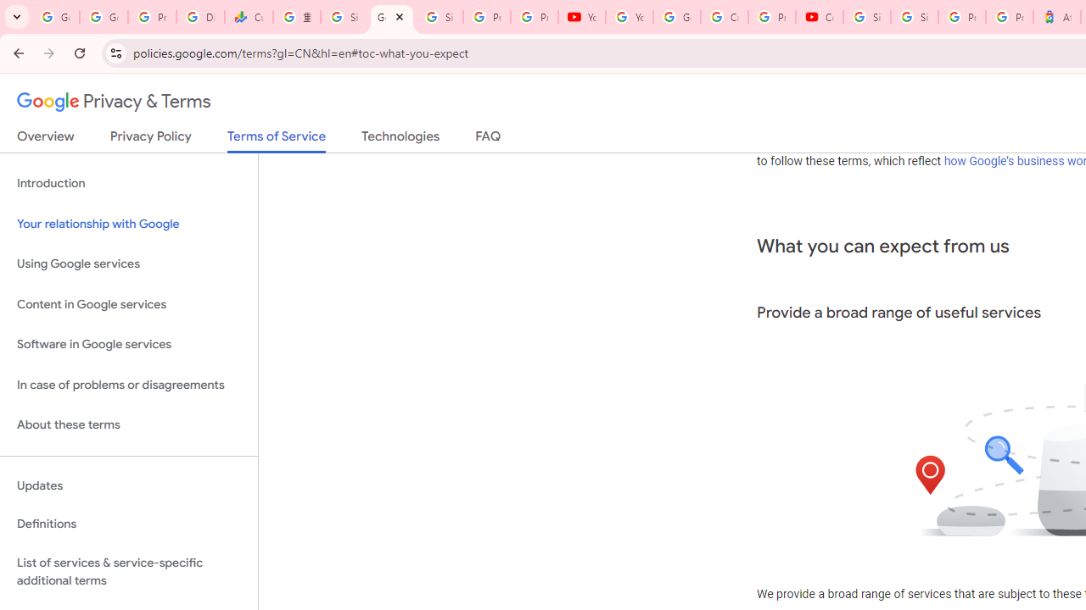 This screenshot has height=610, width=1086. What do you see at coordinates (128, 424) in the screenshot?
I see `'About these terms'` at bounding box center [128, 424].